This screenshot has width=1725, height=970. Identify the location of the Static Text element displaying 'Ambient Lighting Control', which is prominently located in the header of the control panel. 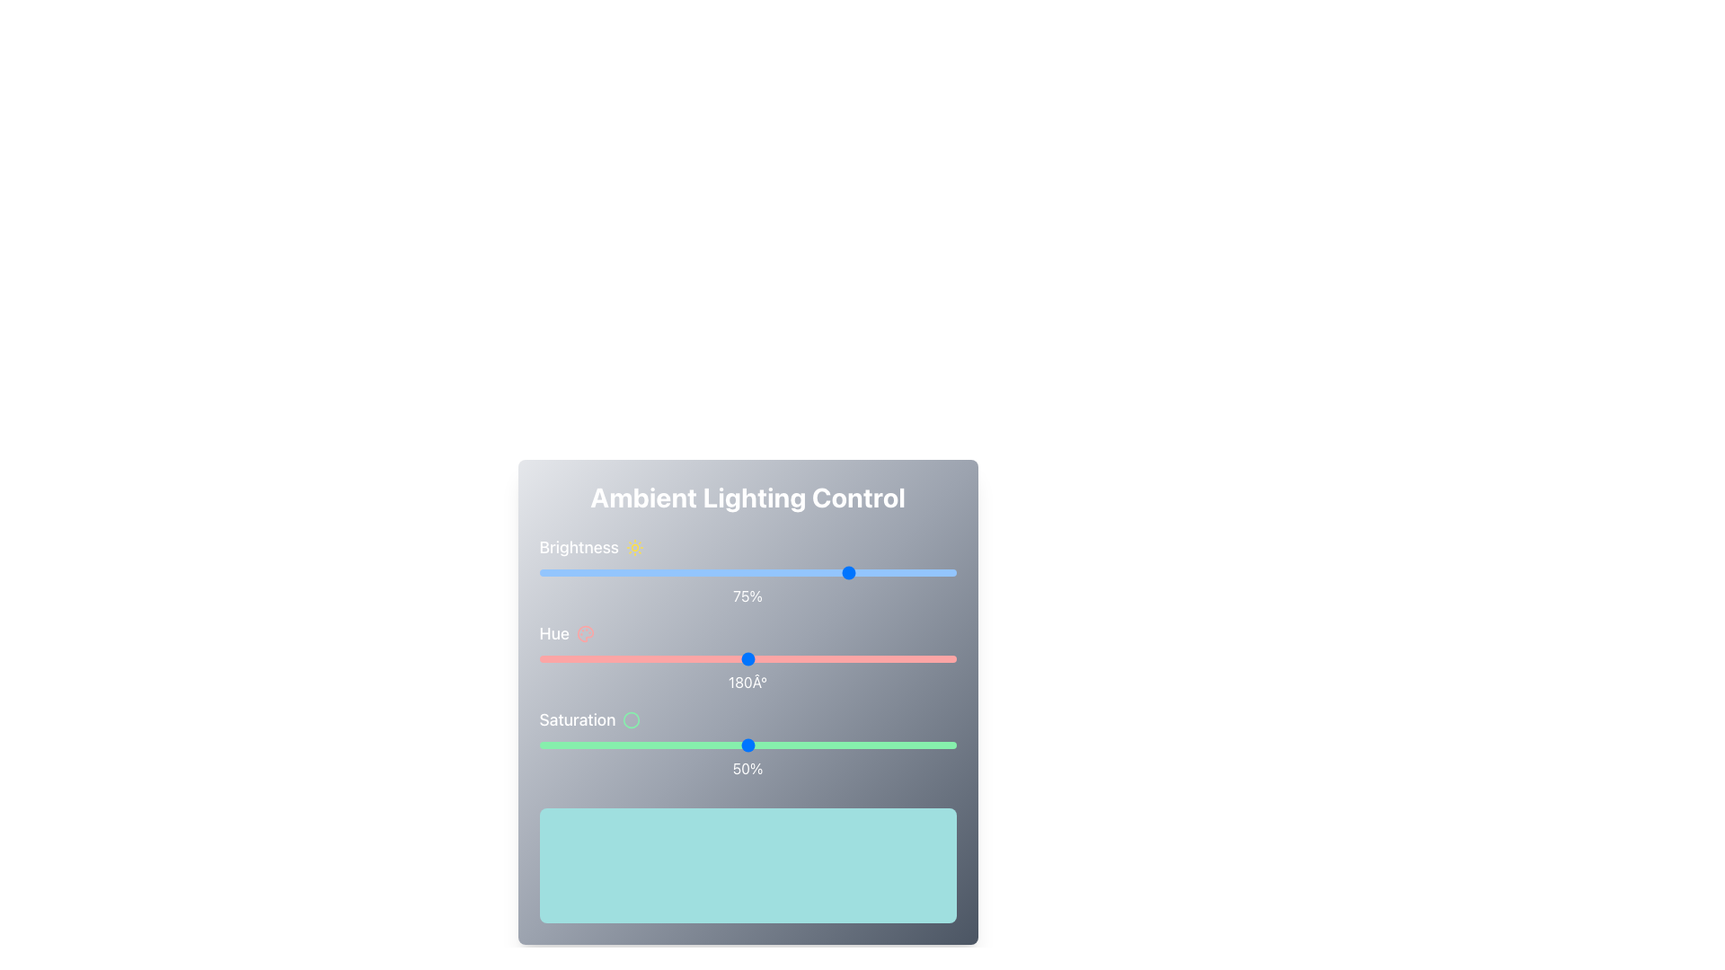
(747, 498).